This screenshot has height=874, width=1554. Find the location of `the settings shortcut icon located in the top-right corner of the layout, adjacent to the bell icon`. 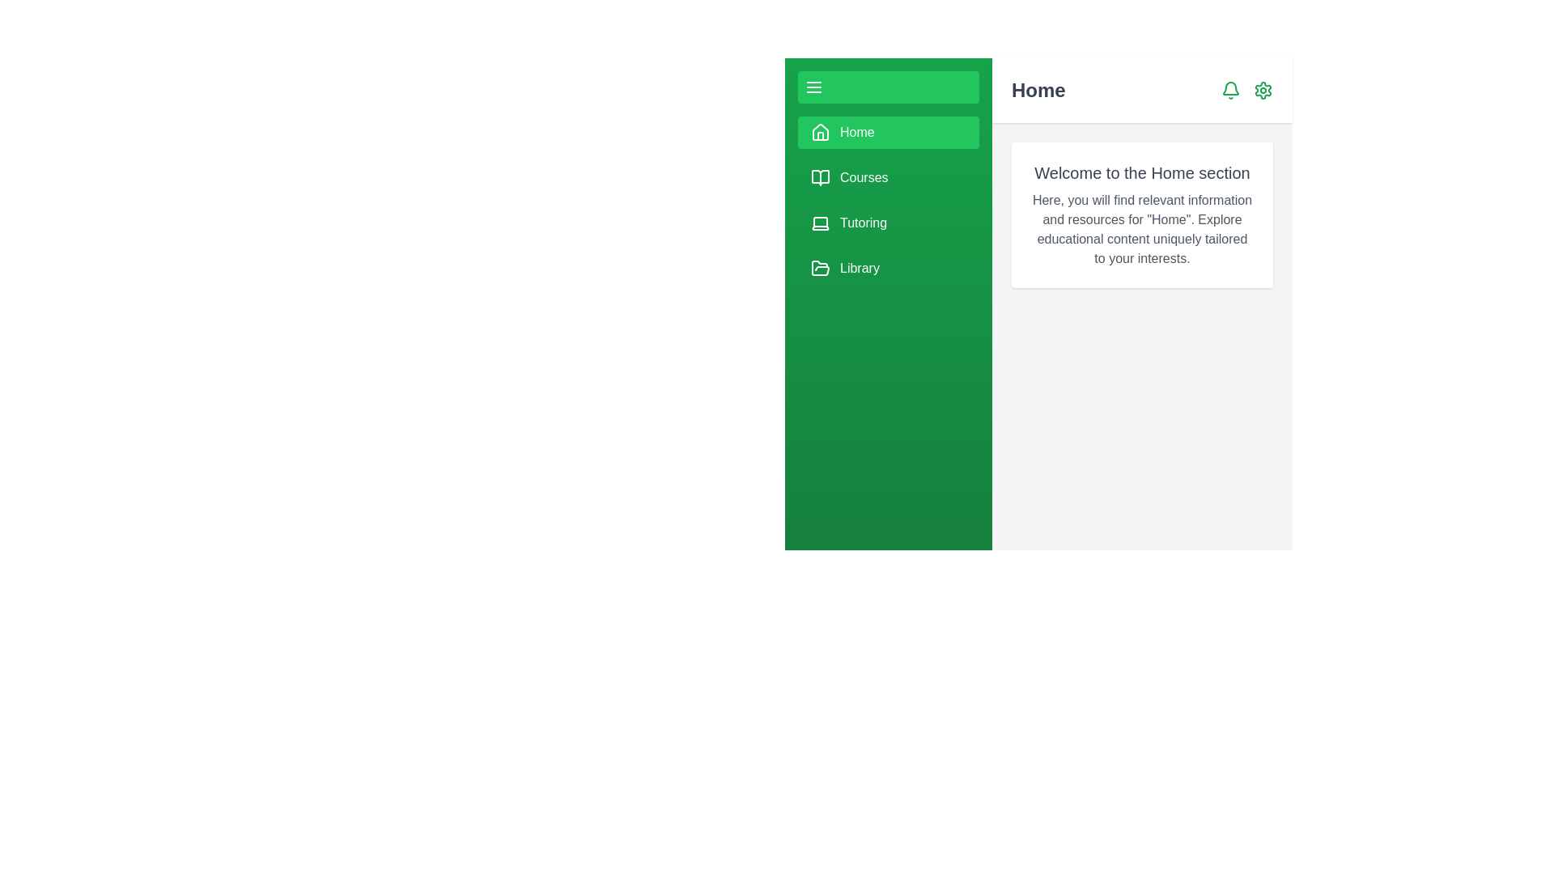

the settings shortcut icon located in the top-right corner of the layout, adjacent to the bell icon is located at coordinates (1262, 90).